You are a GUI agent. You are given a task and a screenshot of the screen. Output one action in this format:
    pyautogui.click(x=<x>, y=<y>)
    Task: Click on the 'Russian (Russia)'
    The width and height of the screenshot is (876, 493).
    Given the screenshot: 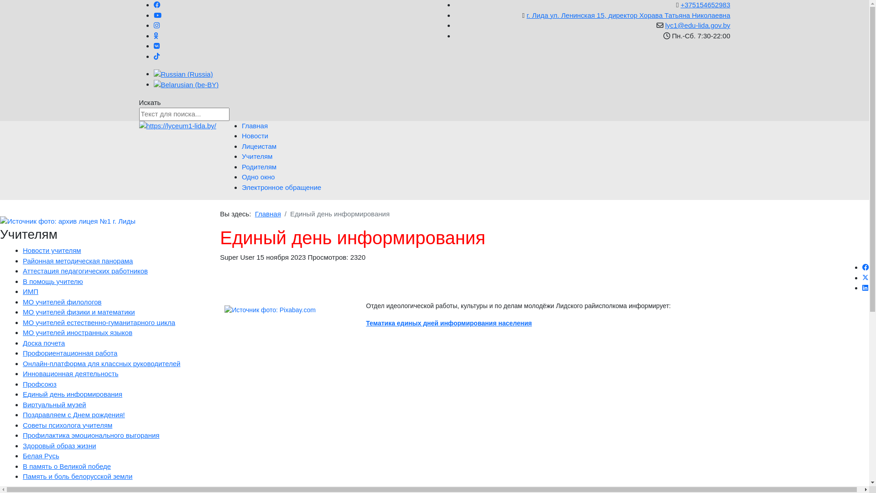 What is the action you would take?
    pyautogui.click(x=182, y=74)
    